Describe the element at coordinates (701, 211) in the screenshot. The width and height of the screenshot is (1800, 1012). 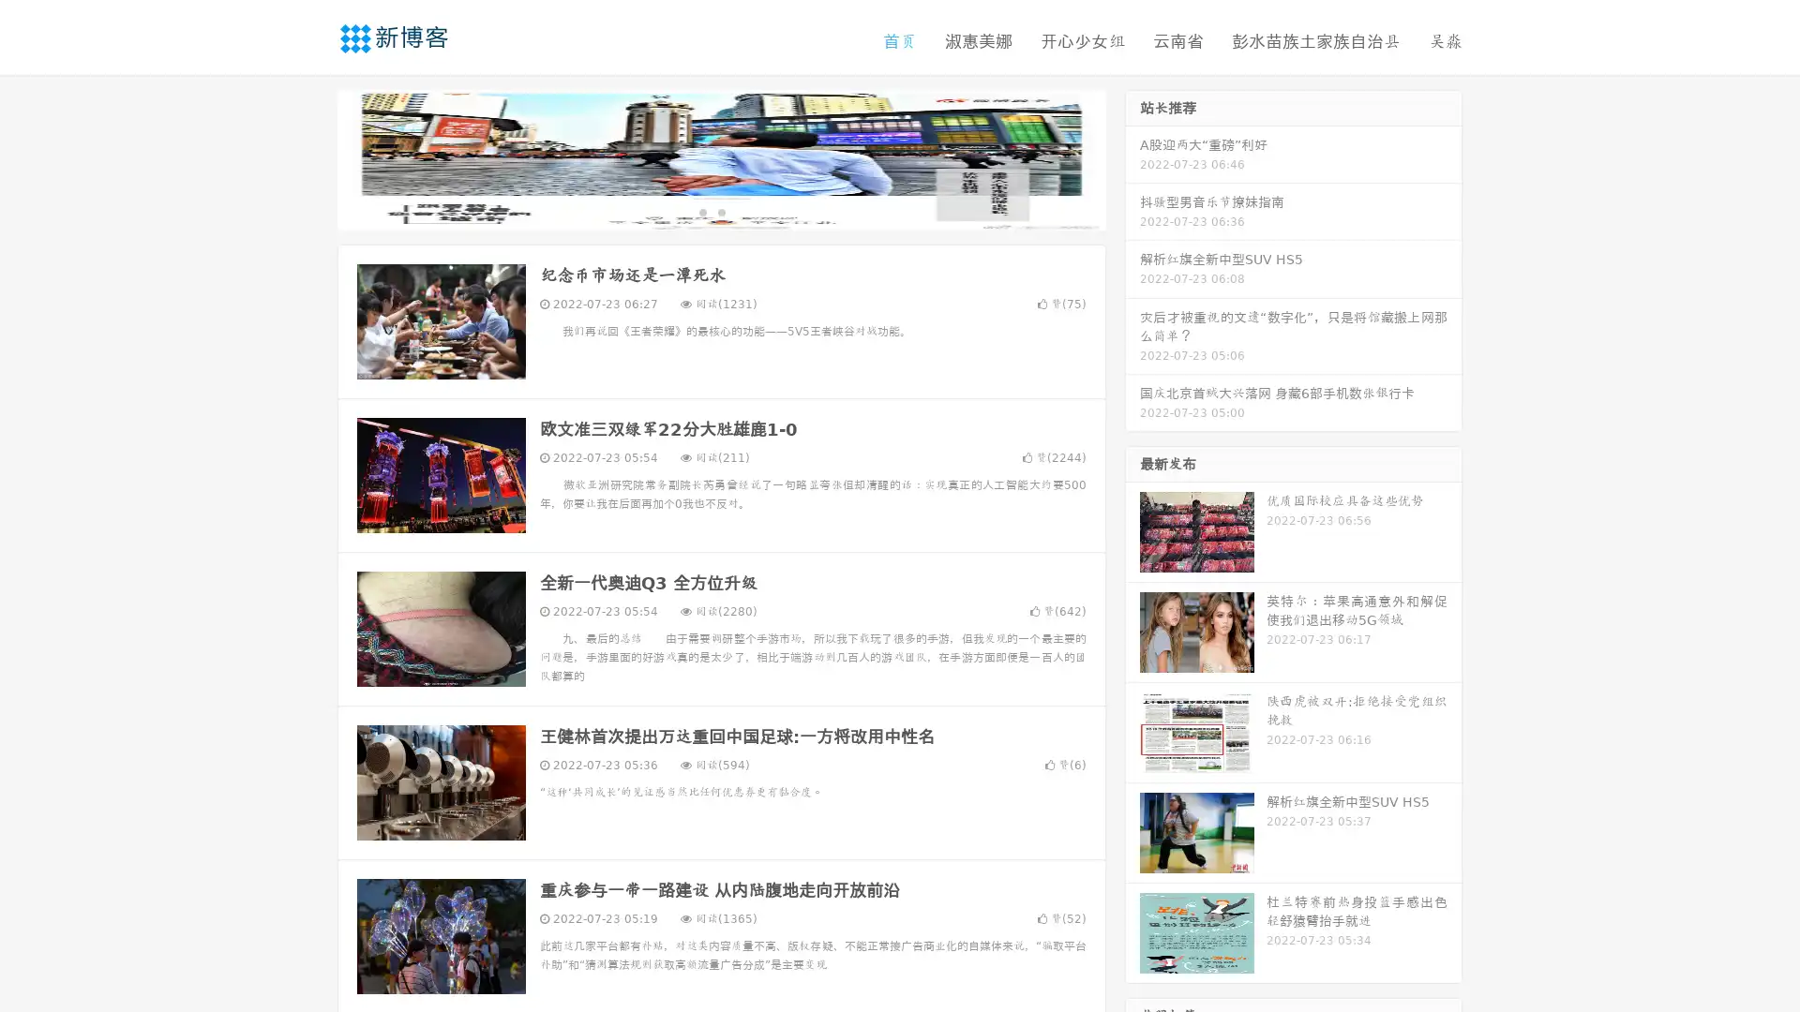
I see `Go to slide 1` at that location.